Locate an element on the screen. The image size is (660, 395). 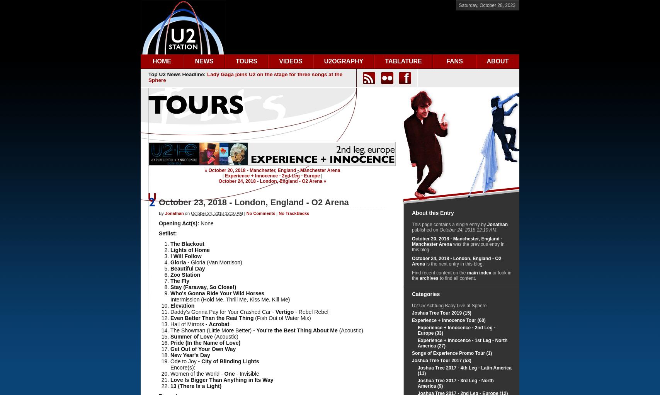
'One' is located at coordinates (229, 373).